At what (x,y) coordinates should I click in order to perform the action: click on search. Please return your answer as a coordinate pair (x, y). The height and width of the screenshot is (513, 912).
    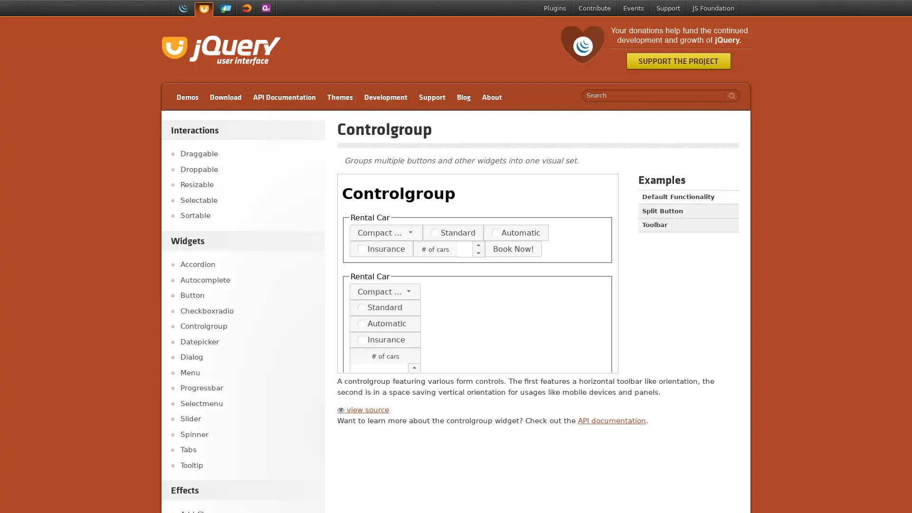
    Looking at the image, I should click on (729, 95).